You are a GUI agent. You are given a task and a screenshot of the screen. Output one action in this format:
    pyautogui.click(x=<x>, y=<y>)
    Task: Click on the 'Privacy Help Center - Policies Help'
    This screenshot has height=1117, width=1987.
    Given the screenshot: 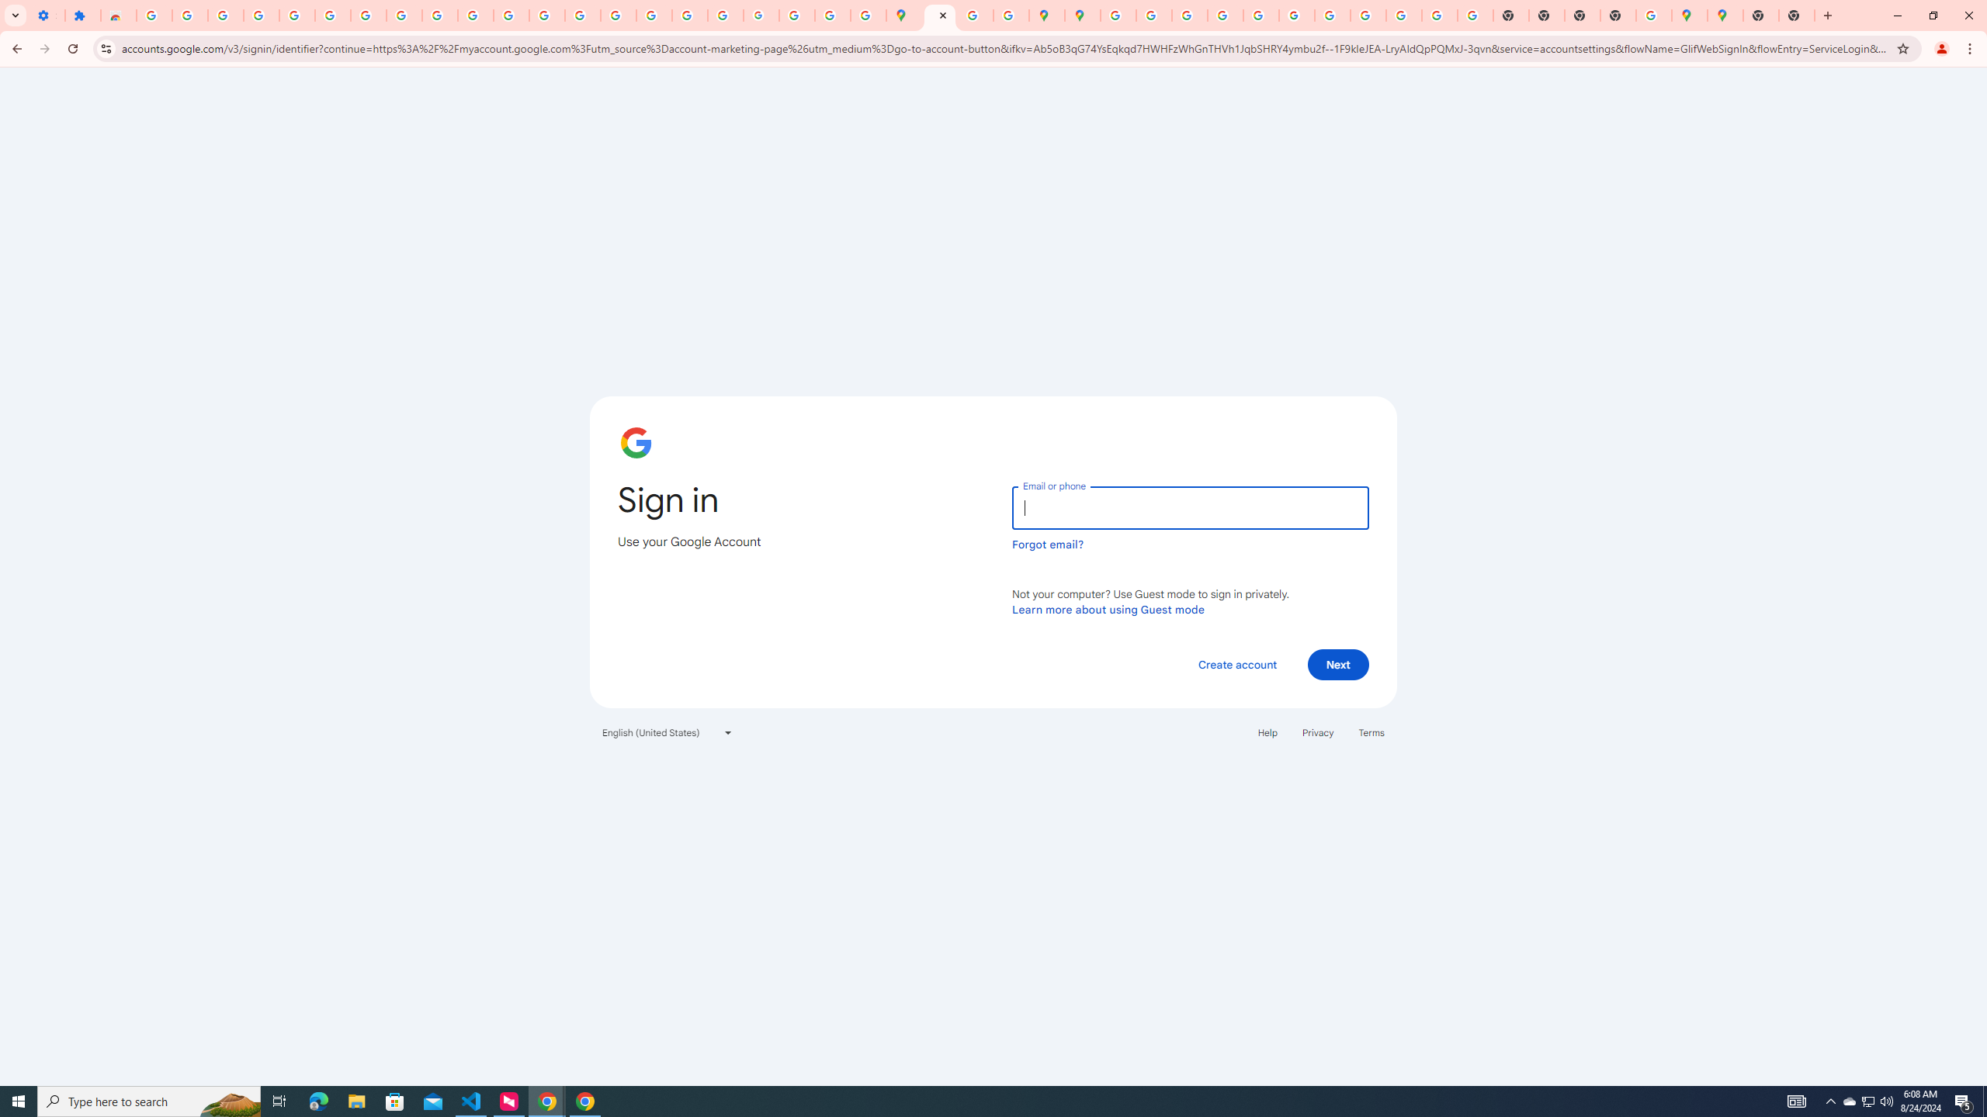 What is the action you would take?
    pyautogui.click(x=1224, y=15)
    